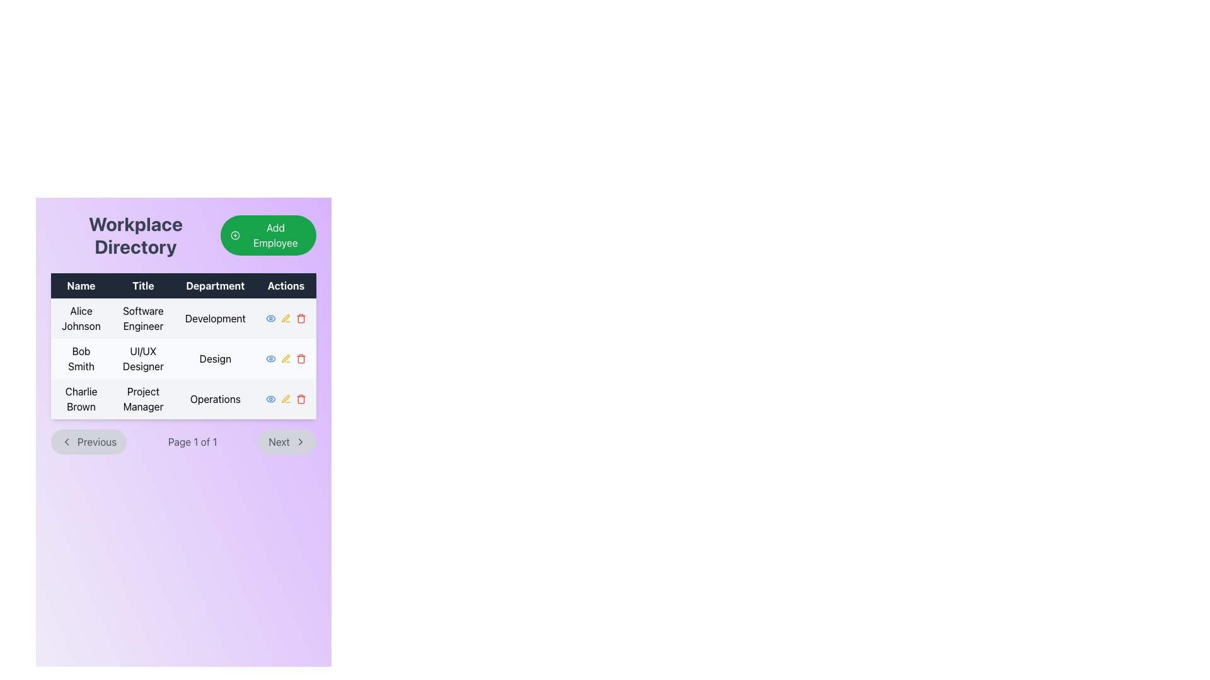  Describe the element at coordinates (143, 286) in the screenshot. I see `the 'Title' column header in the table, which is located in the second column of the header row, immediately to the right of the 'Name' column and left of the 'Department' column` at that location.